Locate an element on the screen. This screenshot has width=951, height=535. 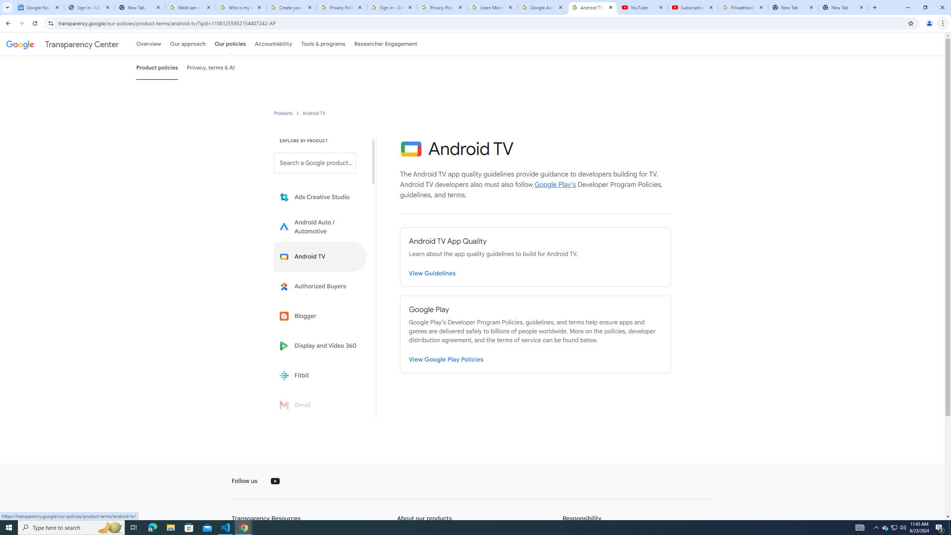
'Learn more about Authorized Buyers' is located at coordinates (320, 286).